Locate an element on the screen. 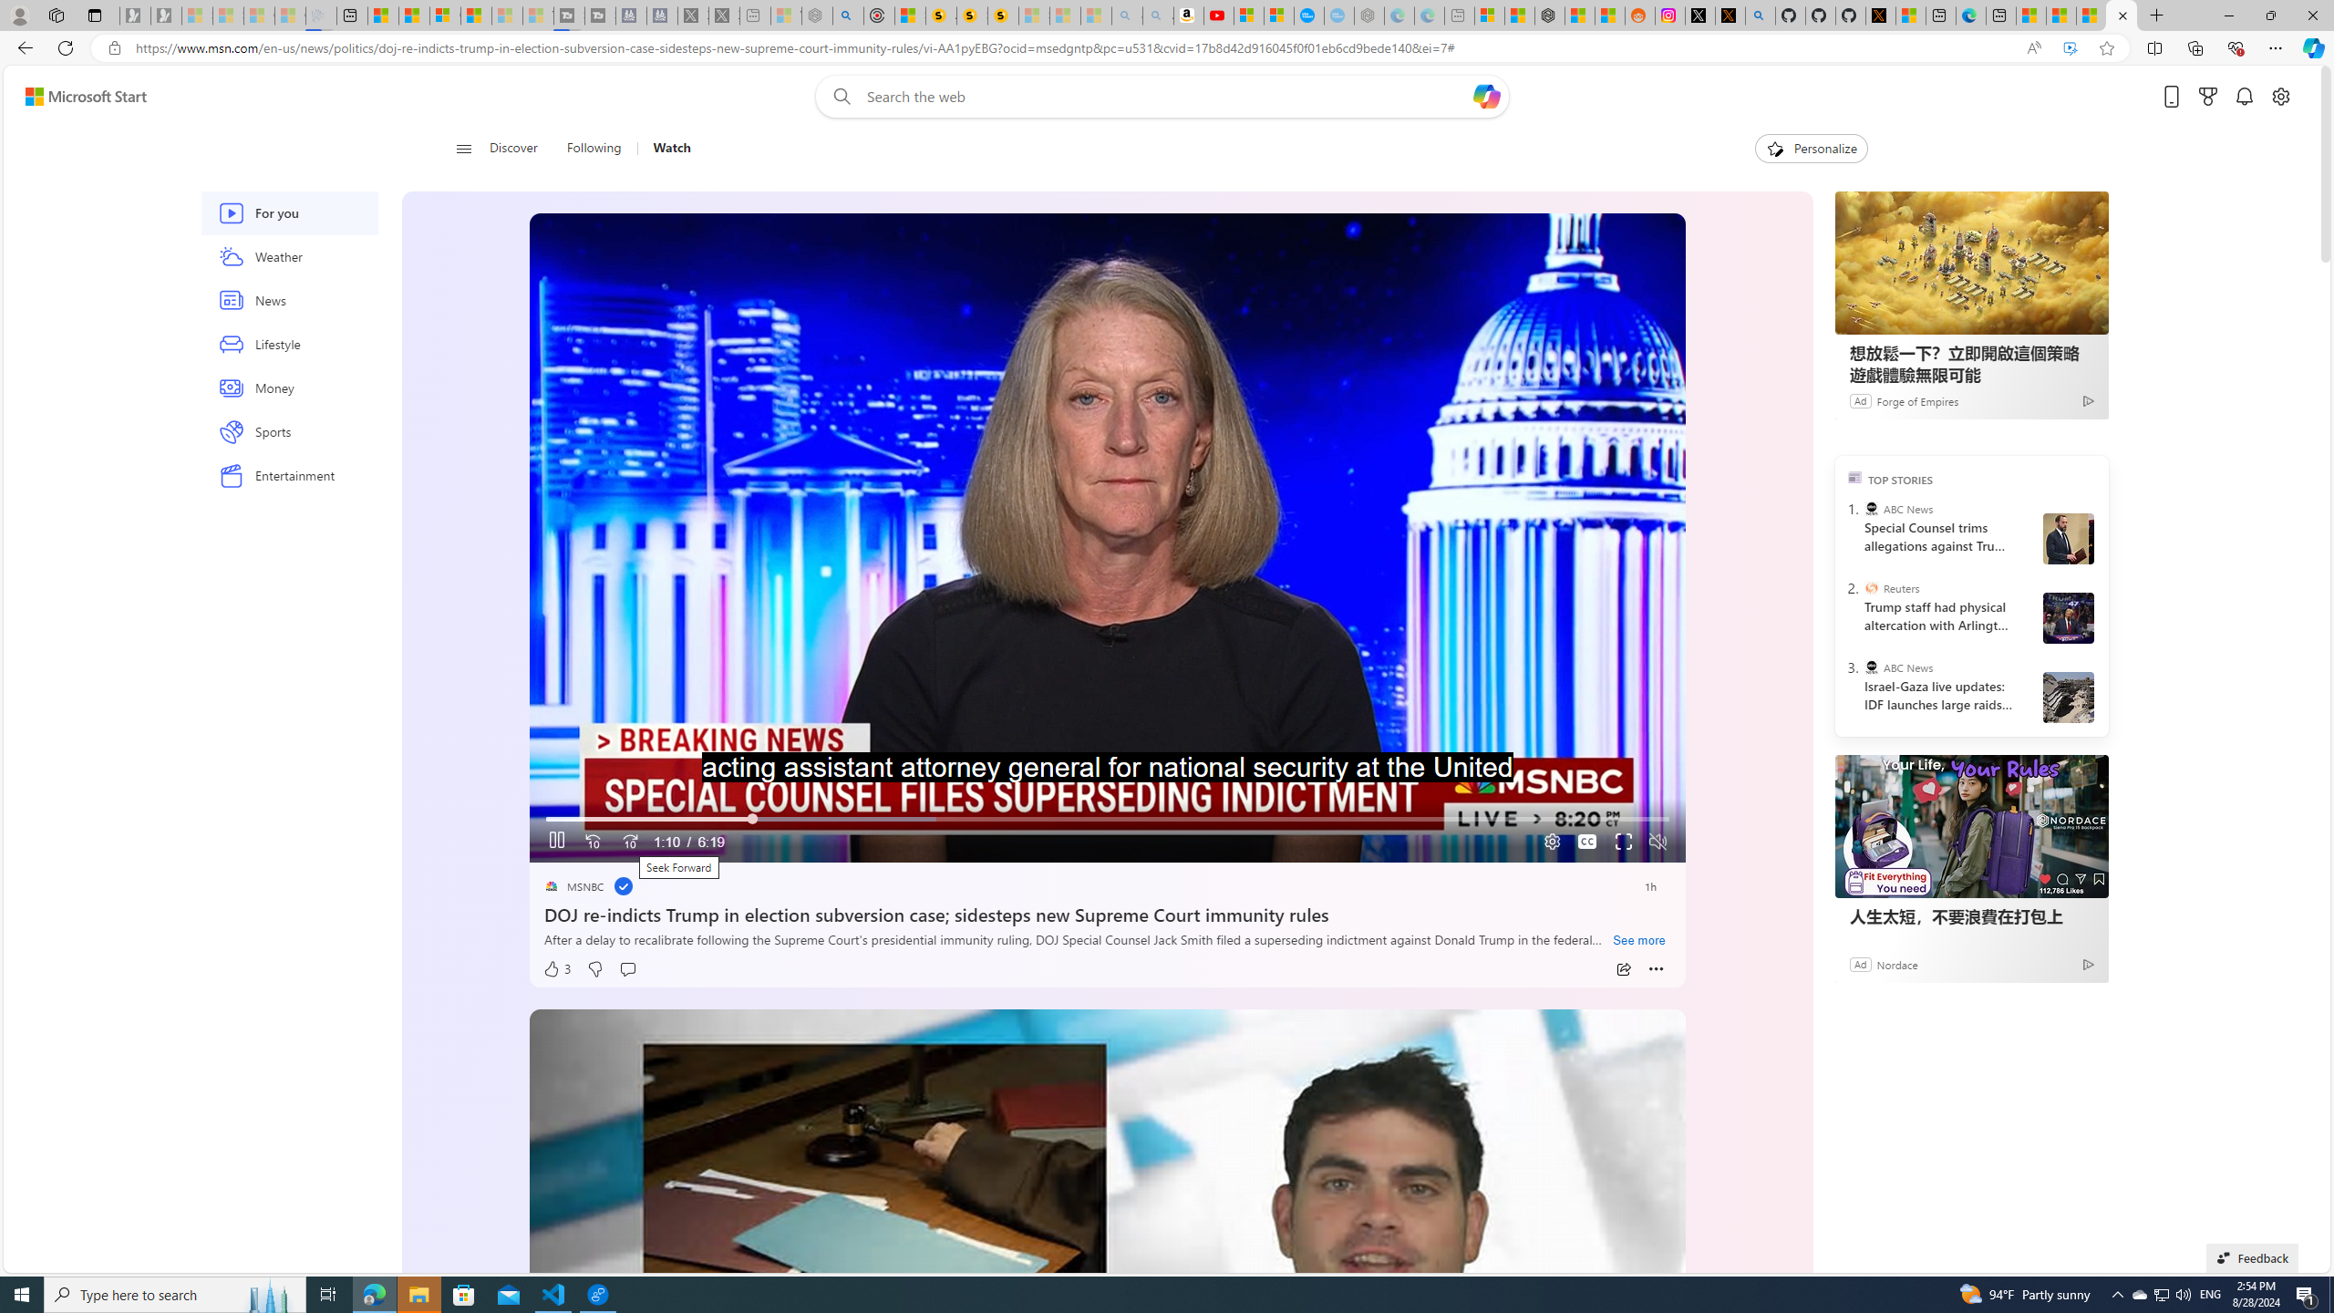  'placeholder MSNBC' is located at coordinates (573, 886).